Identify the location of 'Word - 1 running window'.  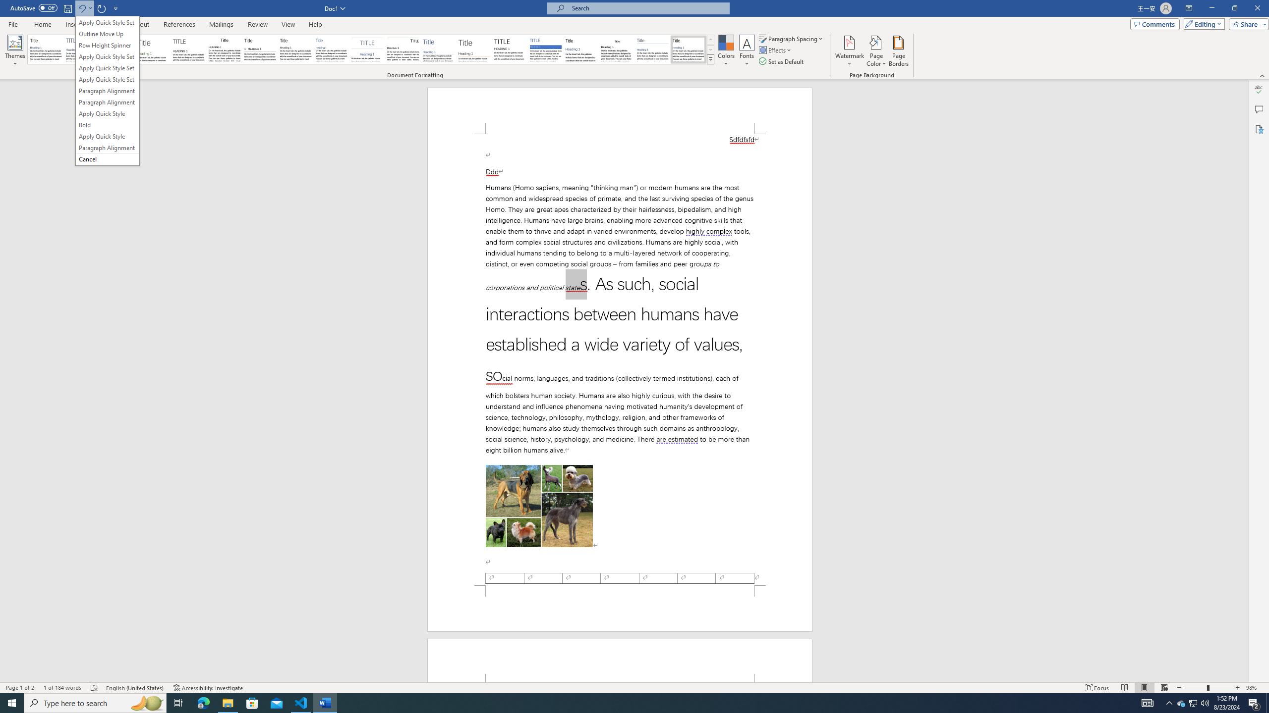
(325, 702).